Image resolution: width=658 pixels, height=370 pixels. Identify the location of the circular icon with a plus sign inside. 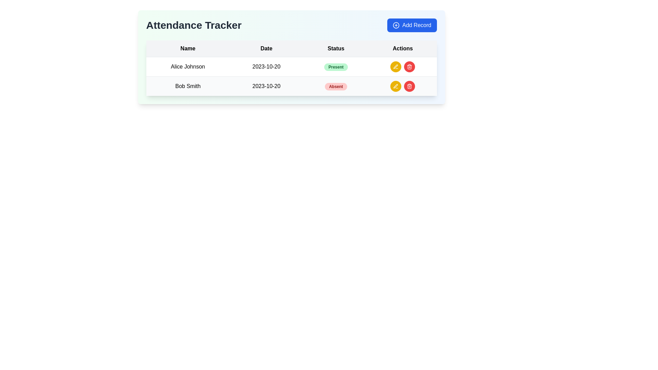
(396, 25).